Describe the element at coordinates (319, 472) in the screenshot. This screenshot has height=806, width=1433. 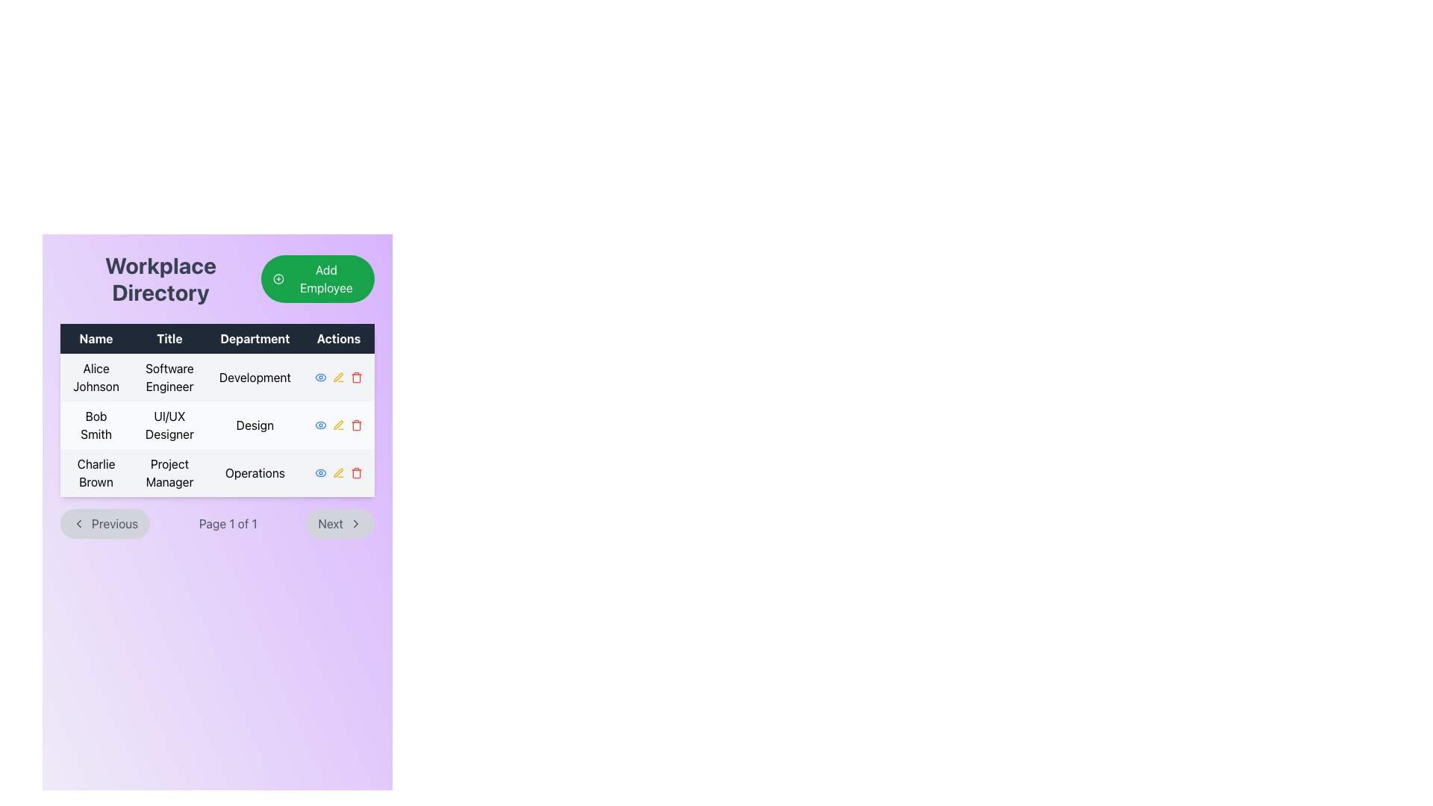
I see `the blue eye-shaped icon in the 'Actions' column of the second row of the table` at that location.